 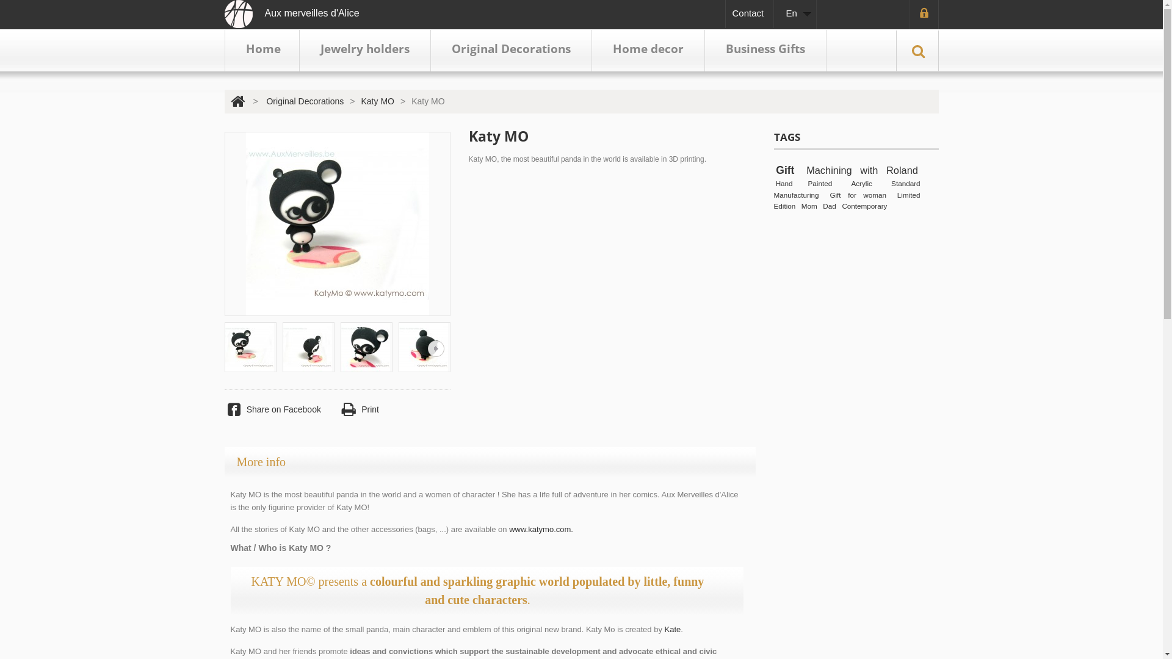 I want to click on 'www.katymo.com.', so click(x=509, y=528).